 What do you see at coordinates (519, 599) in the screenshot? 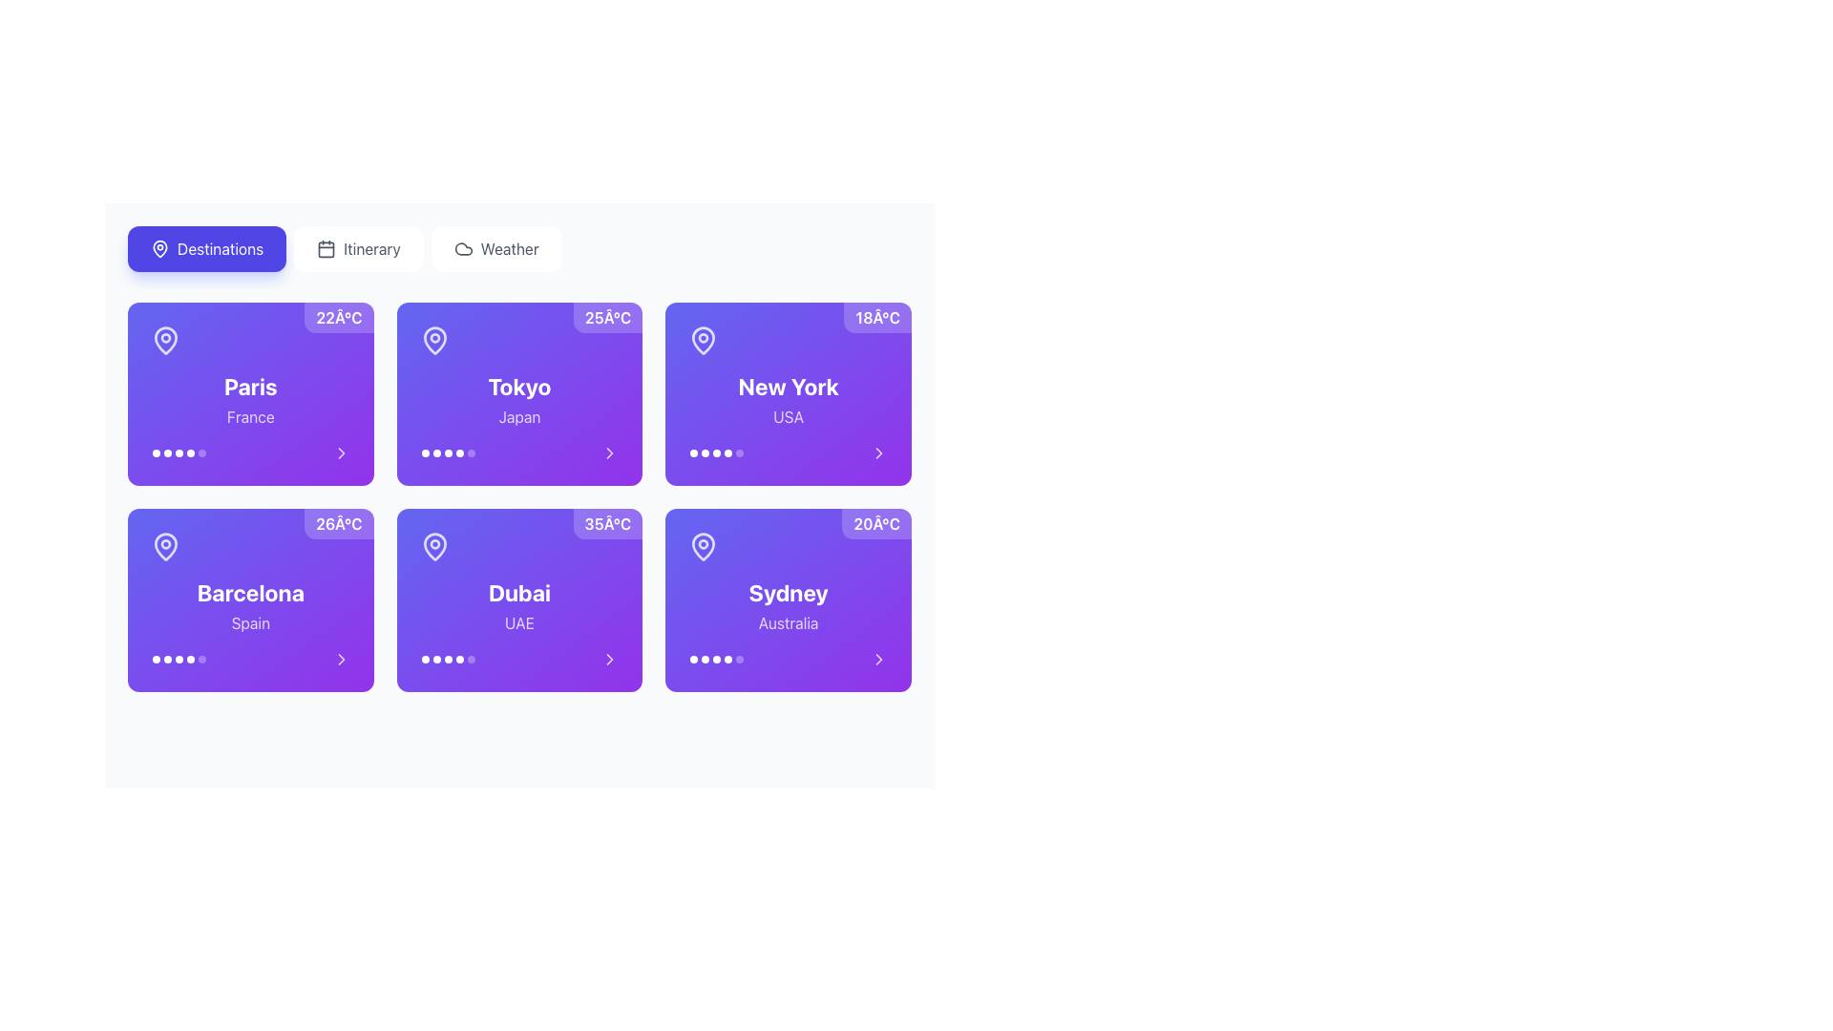
I see `the weather information card displaying data for 'Dubai', located in the second row, second column of the grid layout` at bounding box center [519, 599].